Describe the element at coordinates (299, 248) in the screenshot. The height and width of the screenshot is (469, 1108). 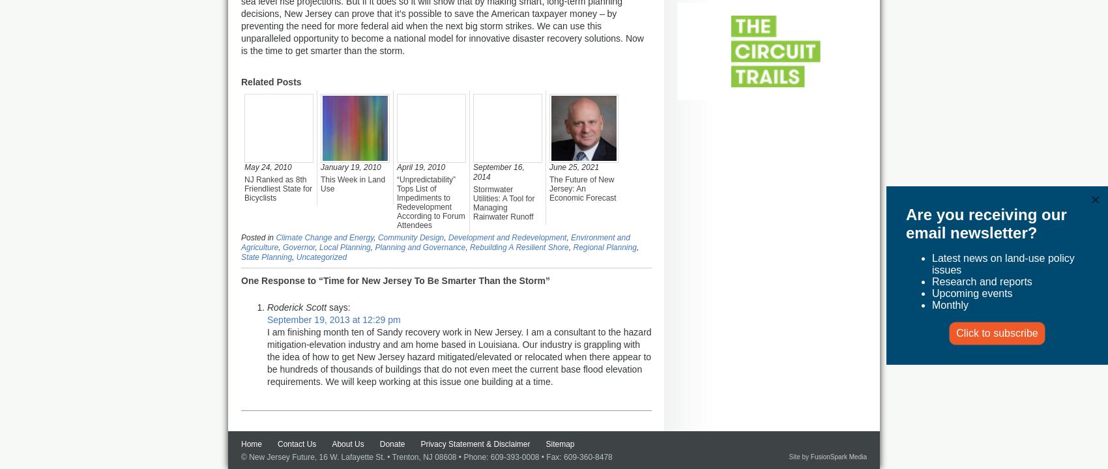
I see `'Governor'` at that location.